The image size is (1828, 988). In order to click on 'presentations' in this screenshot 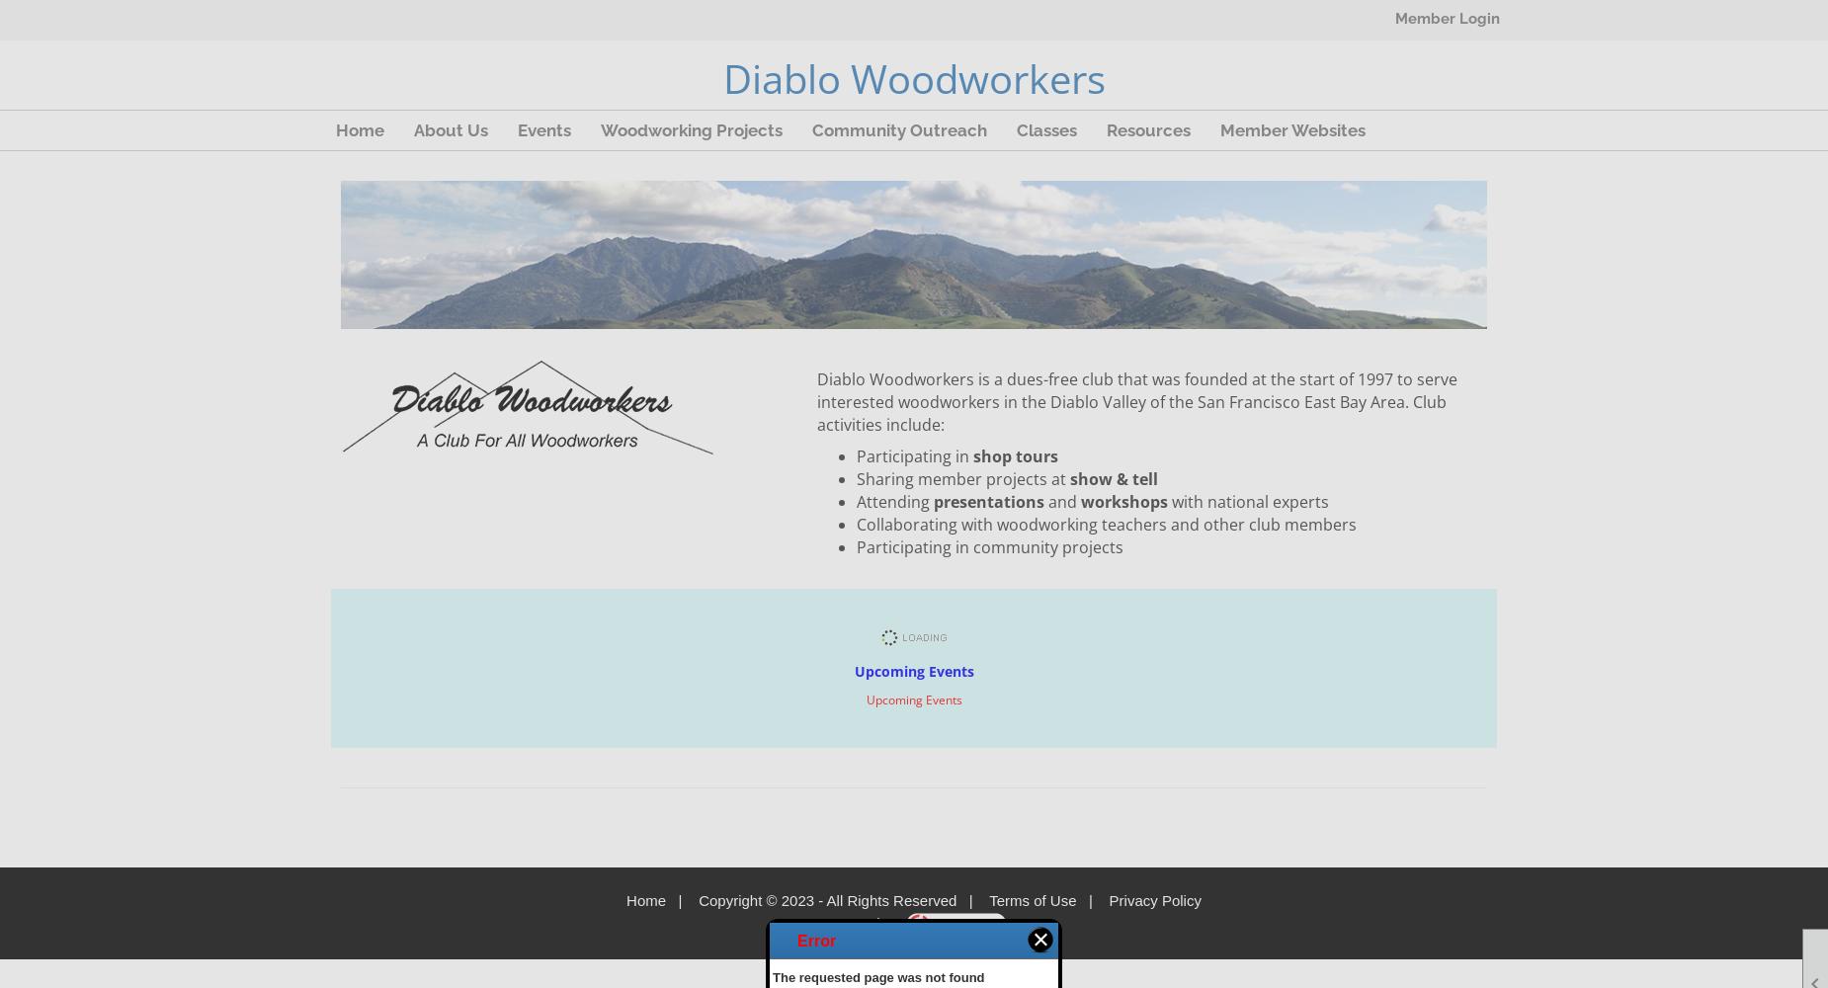, I will do `click(990, 502)`.